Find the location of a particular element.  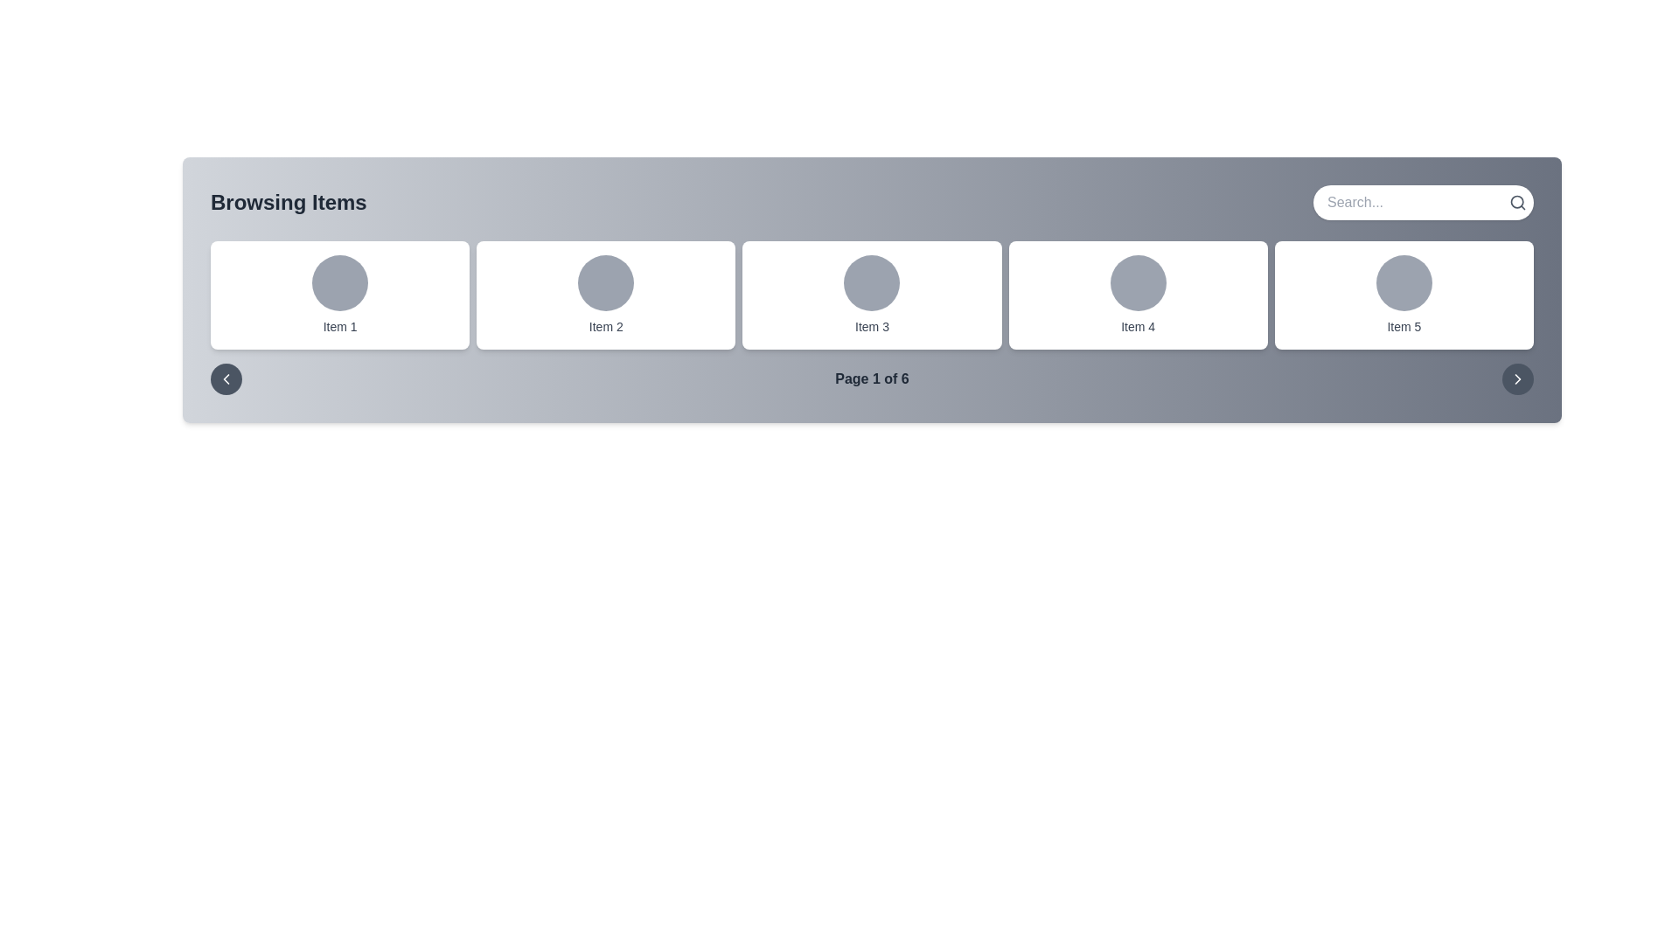

the circular gray icon located in the 'Item 3' card is located at coordinates (872, 282).